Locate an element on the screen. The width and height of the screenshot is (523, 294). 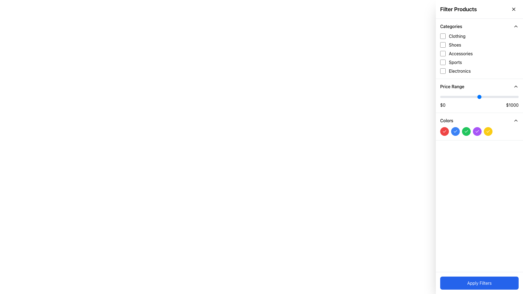
the checkbox for the 'Electronics' option in the filter menu is located at coordinates (479, 71).